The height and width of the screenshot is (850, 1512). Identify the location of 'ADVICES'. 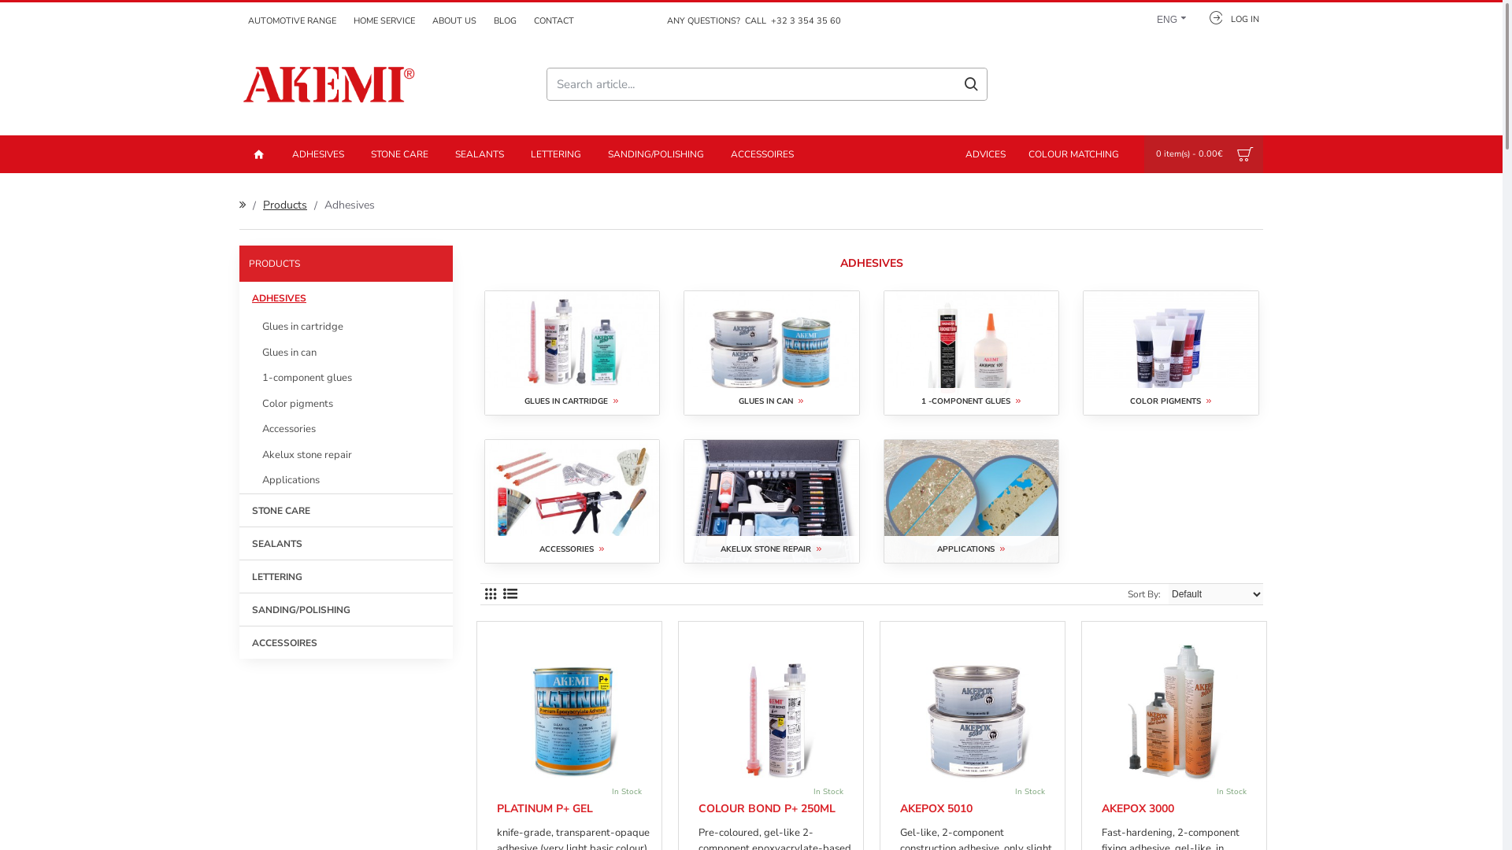
(951, 154).